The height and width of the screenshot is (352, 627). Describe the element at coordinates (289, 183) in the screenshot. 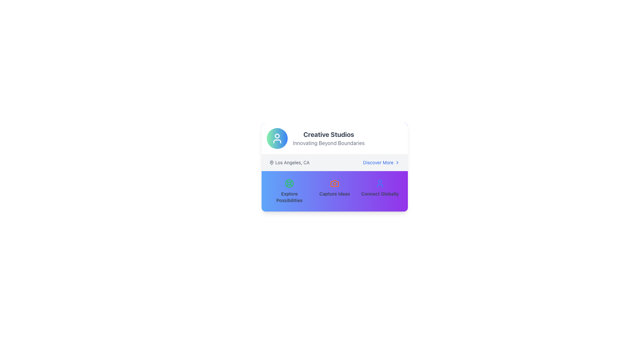

I see `the icon representing the 'Explore Possibilities' option` at that location.